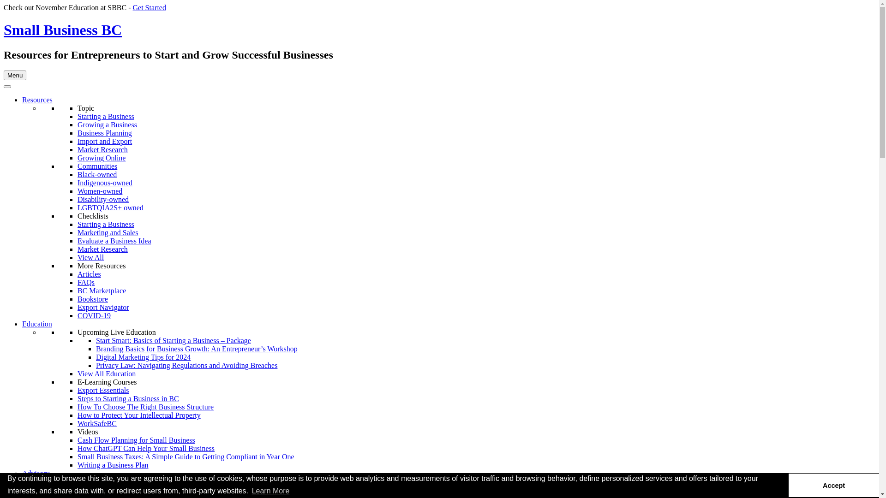 Image resolution: width=886 pixels, height=498 pixels. Describe the element at coordinates (78, 273) in the screenshot. I see `'Articles'` at that location.